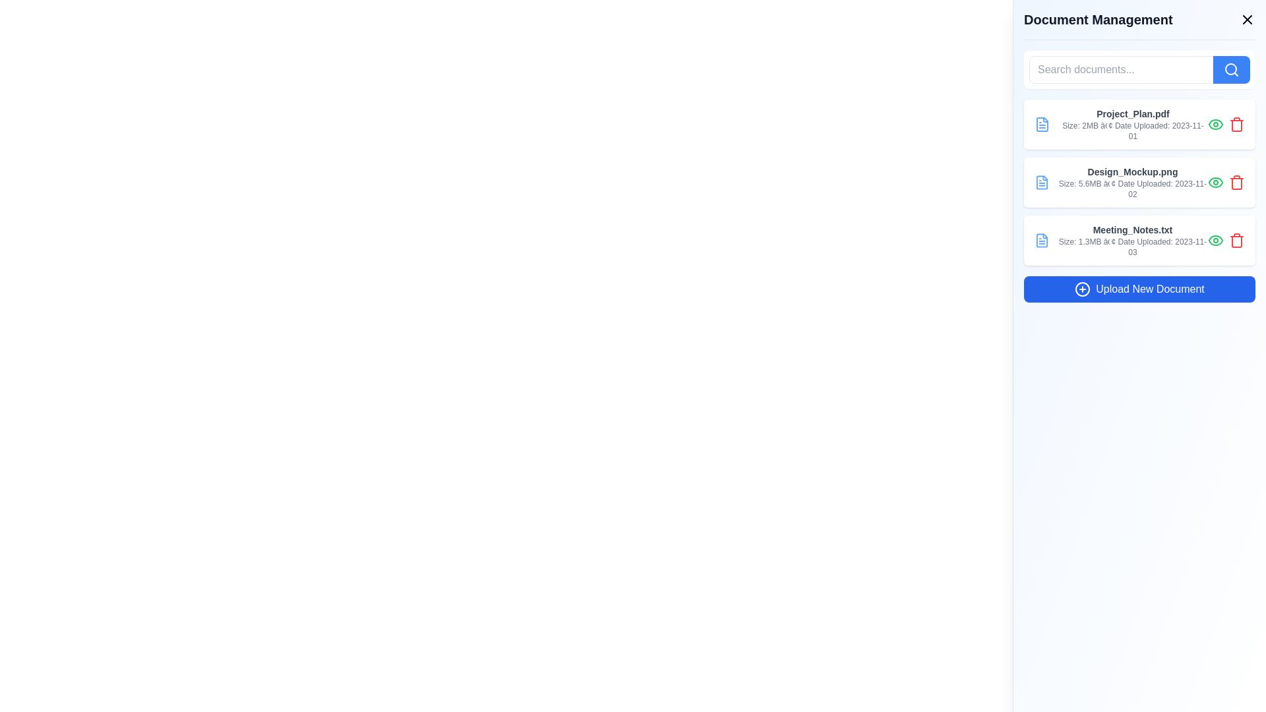  What do you see at coordinates (1236, 125) in the screenshot?
I see `the red trash can icon located at the rightmost position in the group of icons` at bounding box center [1236, 125].